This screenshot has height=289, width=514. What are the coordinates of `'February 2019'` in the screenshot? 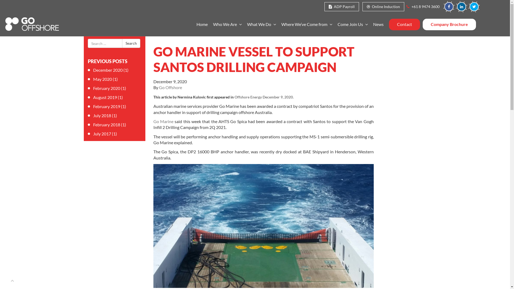 It's located at (107, 106).